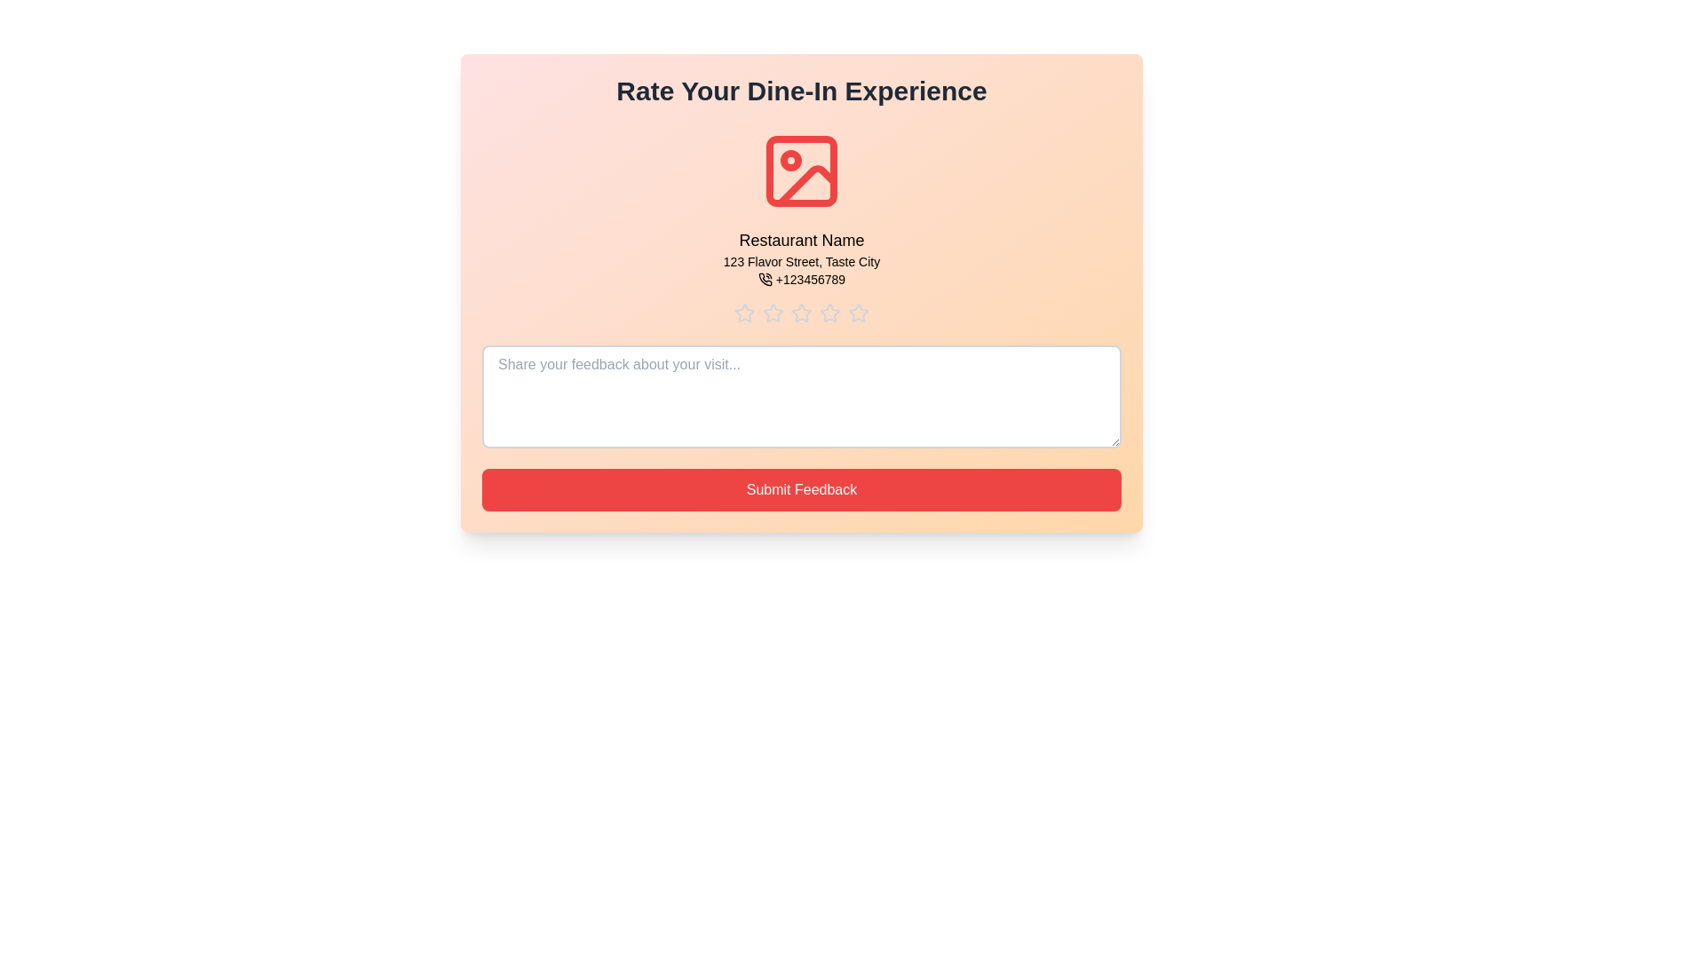 This screenshot has width=1705, height=959. Describe the element at coordinates (745, 313) in the screenshot. I see `the restaurant rating to 1 stars by clicking the respective star` at that location.